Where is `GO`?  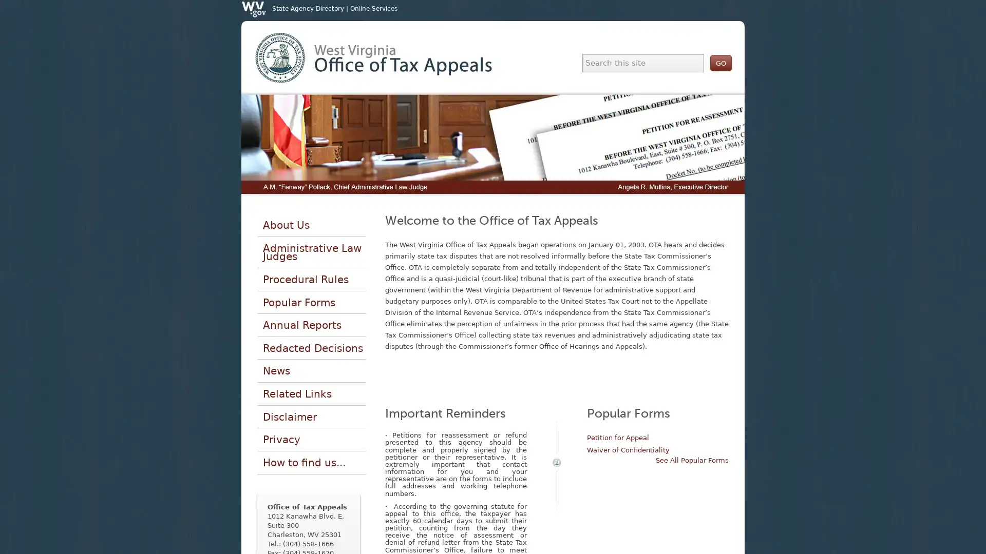
GO is located at coordinates (720, 63).